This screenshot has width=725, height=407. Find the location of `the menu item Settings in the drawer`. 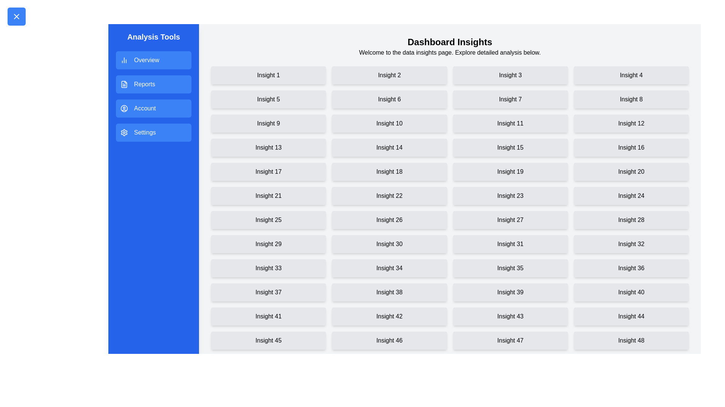

the menu item Settings in the drawer is located at coordinates (153, 132).